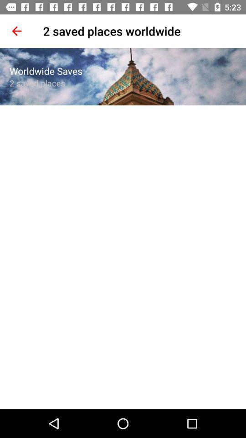 This screenshot has height=438, width=246. What do you see at coordinates (16, 31) in the screenshot?
I see `the item to the left of the 2 saved places icon` at bounding box center [16, 31].